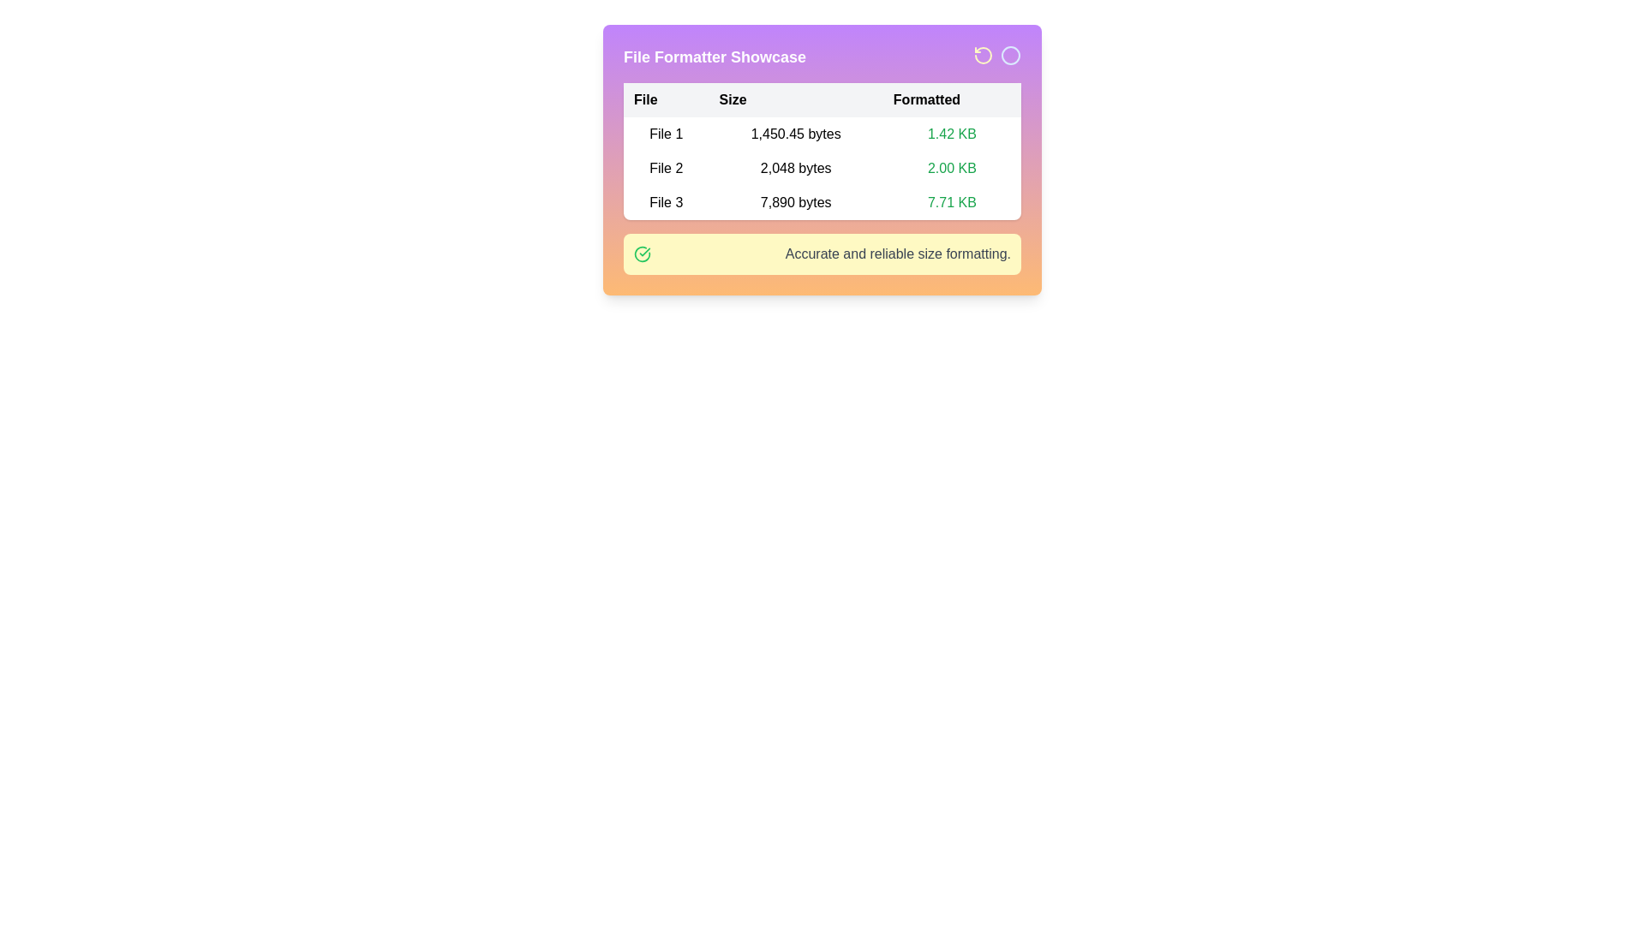 The height and width of the screenshot is (925, 1645). I want to click on the label displaying the size of 'File 3' in the middle column of the third row under the tabular interface, so click(795, 201).